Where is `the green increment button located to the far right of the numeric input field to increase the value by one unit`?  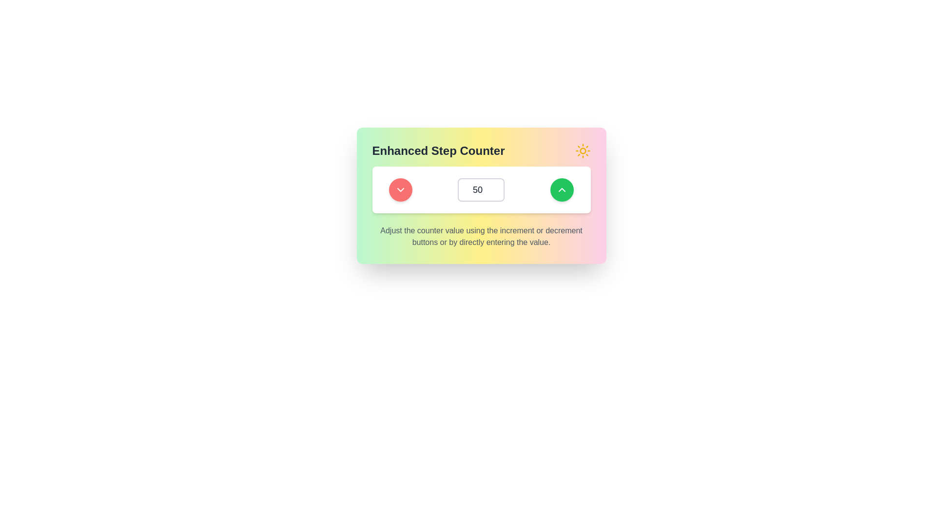
the green increment button located to the far right of the numeric input field to increase the value by one unit is located at coordinates (562, 189).